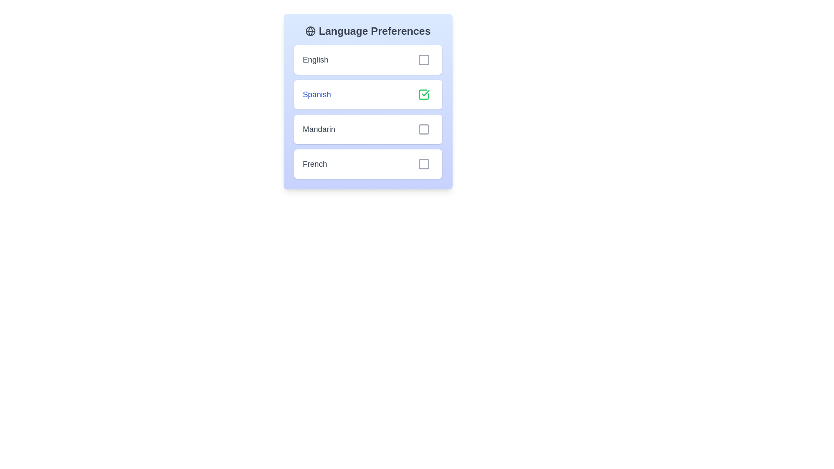  What do you see at coordinates (424, 164) in the screenshot?
I see `the checkbox indicator for the 'French' option in the Language Preferences section` at bounding box center [424, 164].